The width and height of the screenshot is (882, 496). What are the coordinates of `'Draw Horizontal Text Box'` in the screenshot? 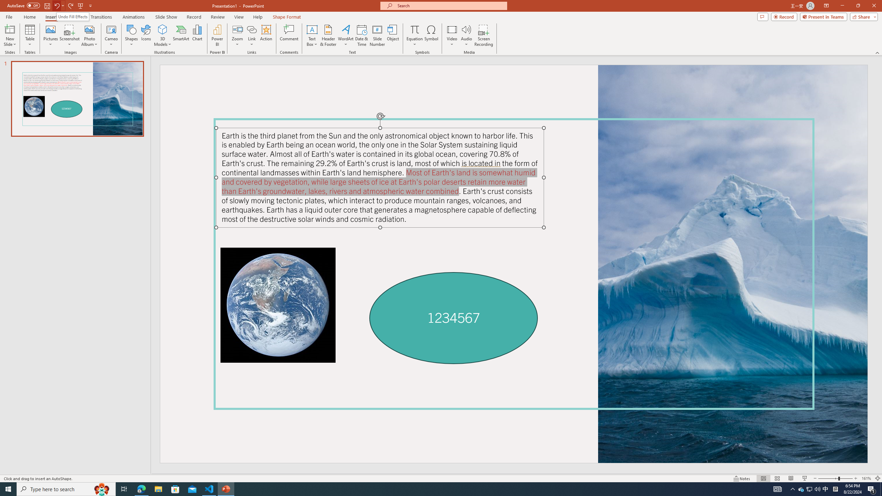 It's located at (312, 29).